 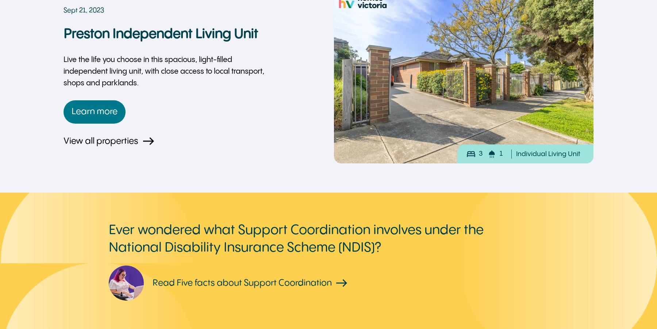 I want to click on 'View all properties', so click(x=100, y=141).